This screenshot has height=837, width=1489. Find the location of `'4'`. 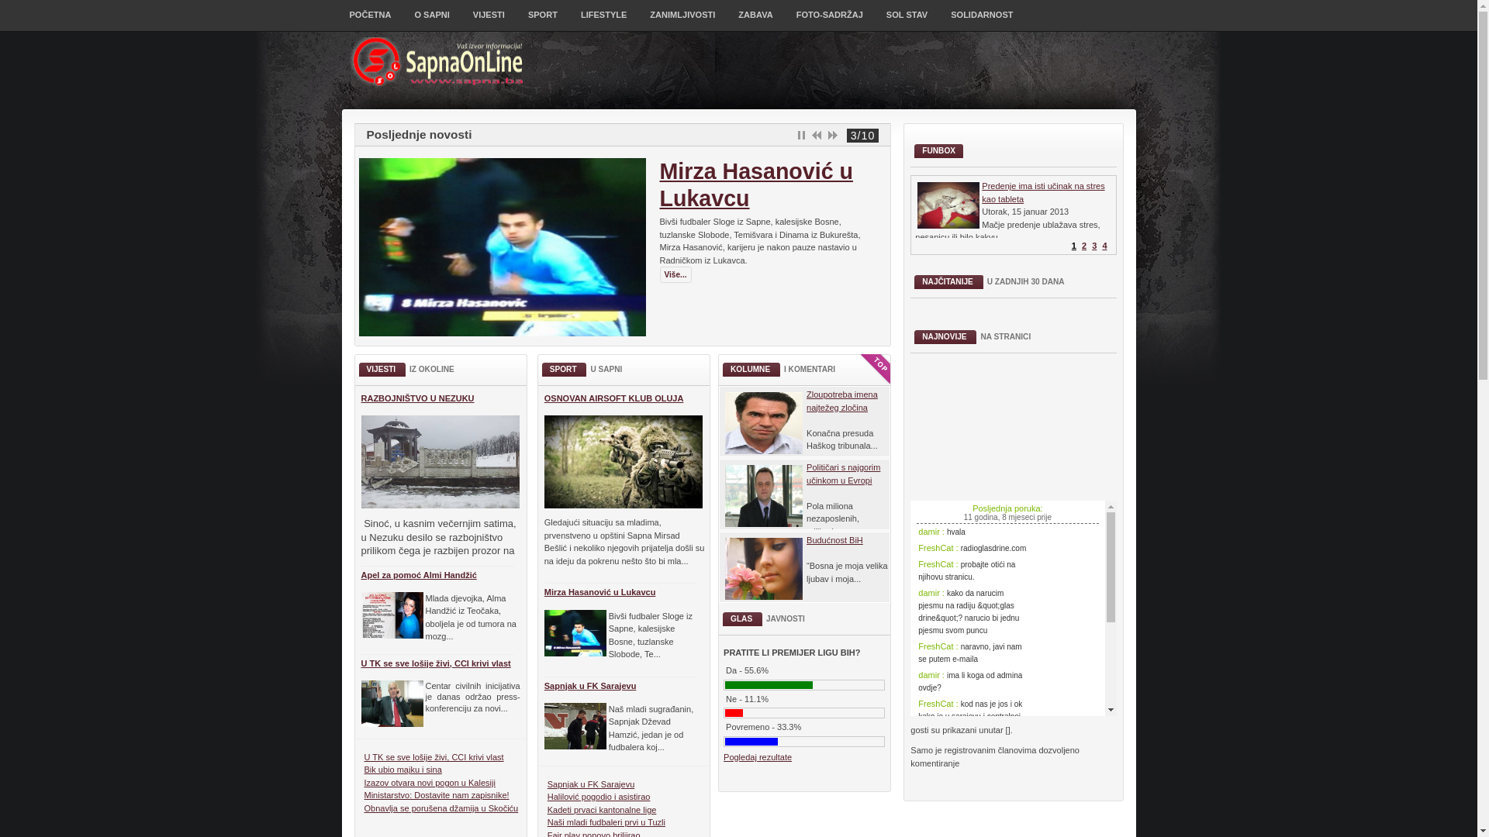

'4' is located at coordinates (1104, 244).